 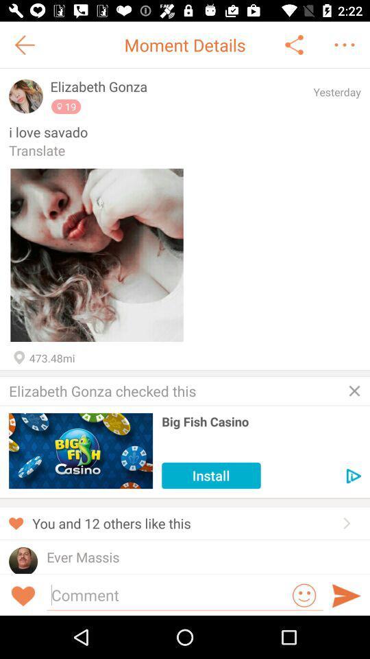 What do you see at coordinates (354, 476) in the screenshot?
I see `move to next` at bounding box center [354, 476].